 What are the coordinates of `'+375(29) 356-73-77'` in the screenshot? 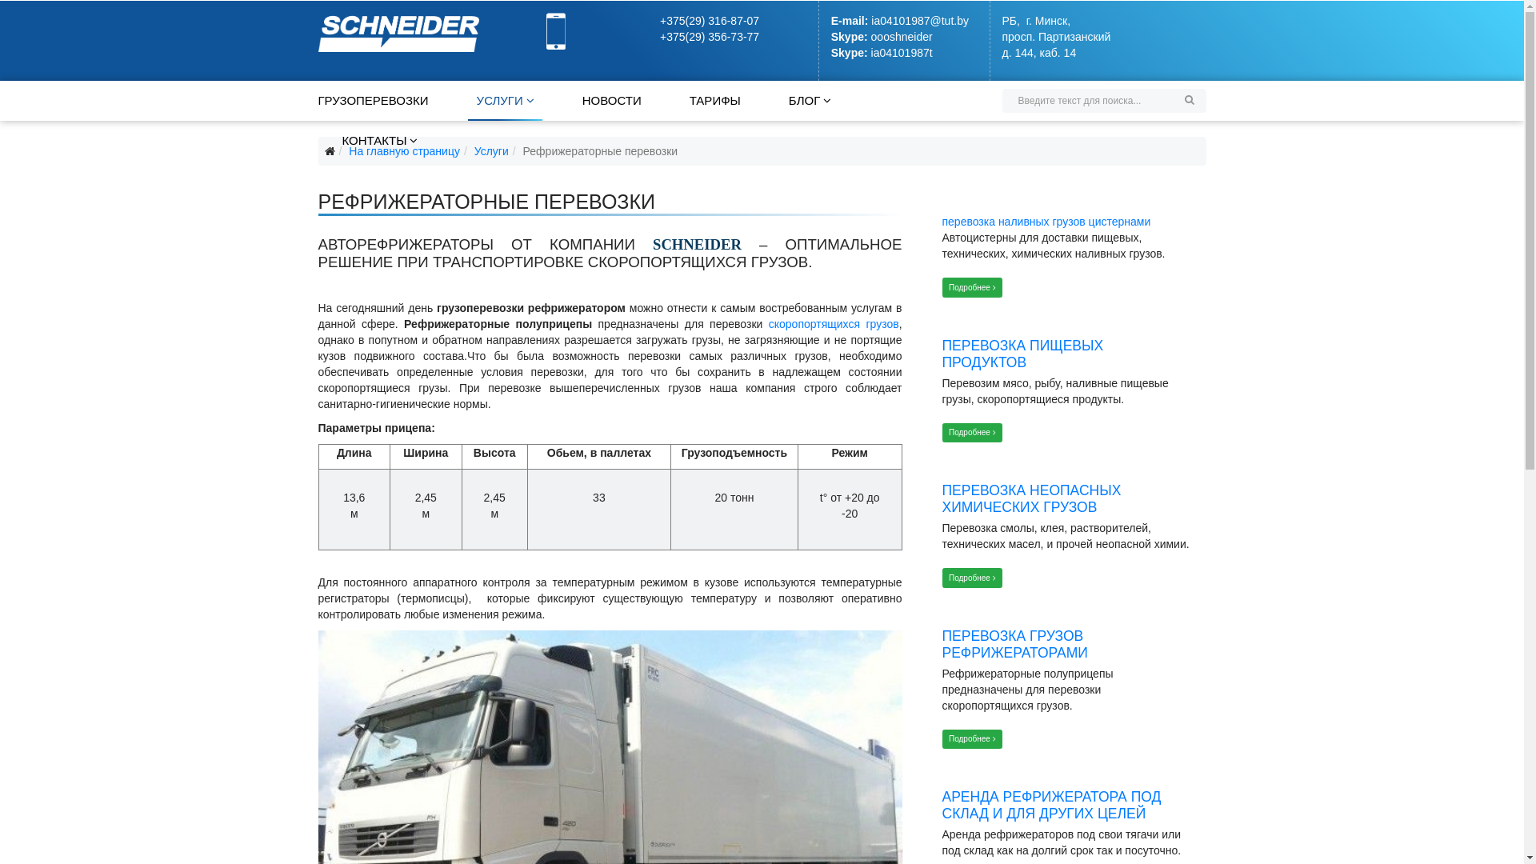 It's located at (709, 36).